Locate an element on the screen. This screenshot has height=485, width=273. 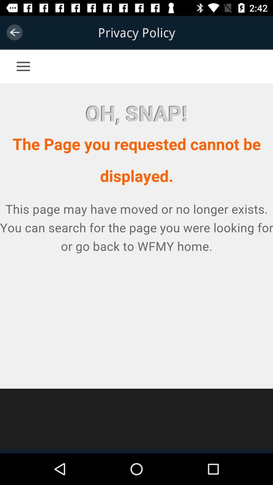
go back is located at coordinates (14, 32).